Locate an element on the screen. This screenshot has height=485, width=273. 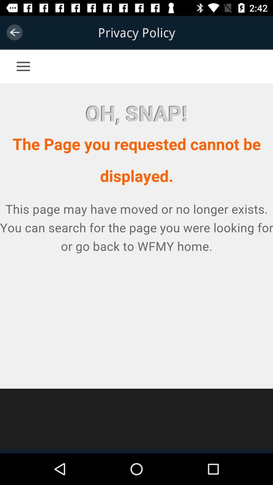
go back is located at coordinates (14, 32).